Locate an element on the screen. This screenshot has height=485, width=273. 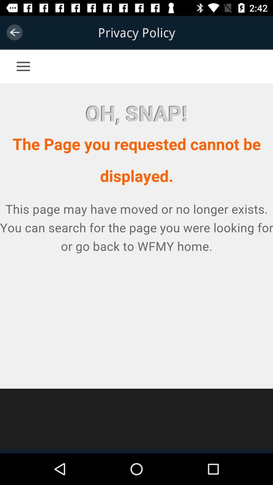
go back is located at coordinates (14, 32).